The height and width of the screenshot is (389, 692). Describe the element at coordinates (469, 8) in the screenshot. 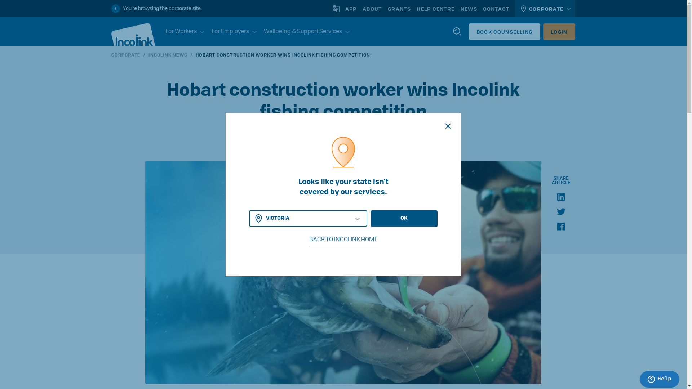

I see `'NEWS'` at that location.